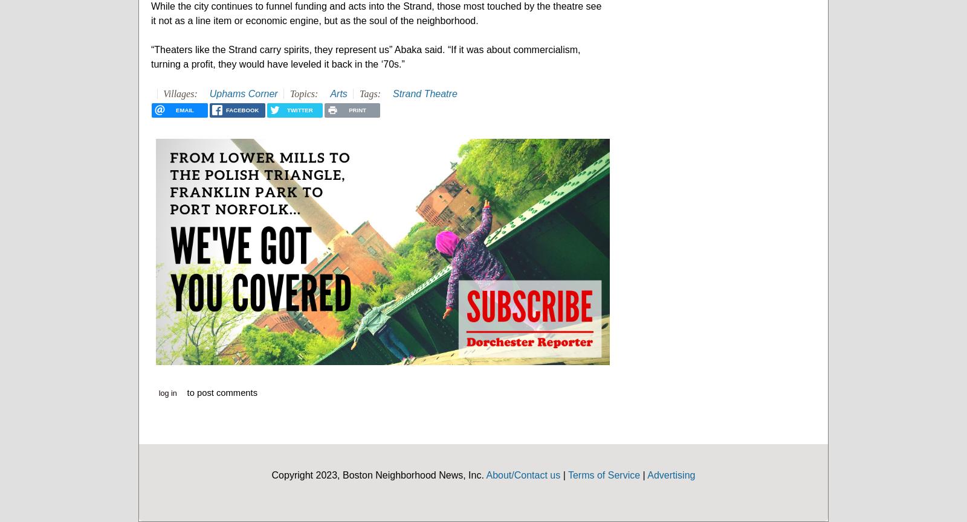 Image resolution: width=967 pixels, height=522 pixels. What do you see at coordinates (376, 13) in the screenshot?
I see `'While the city continues to funnel funding and acts into the Strand, those most touched by the theatre see it not as a line item or economic engine, but as the soul of the neighborhood.'` at bounding box center [376, 13].